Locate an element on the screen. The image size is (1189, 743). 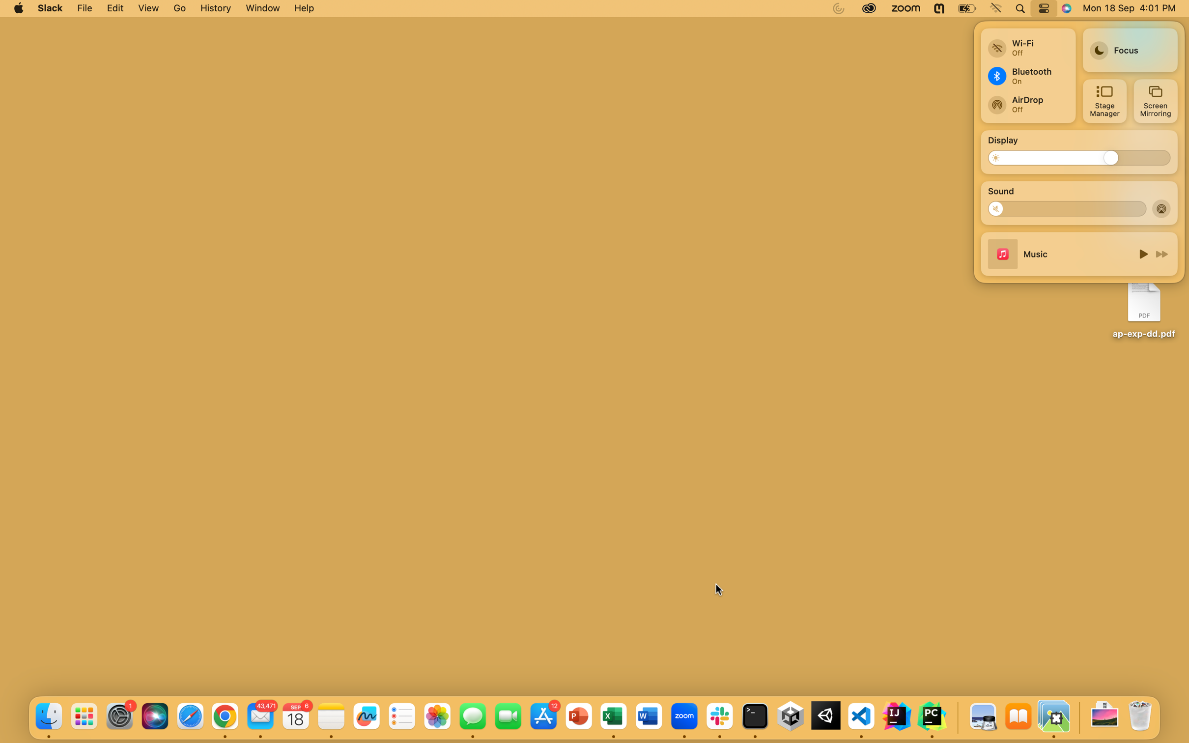
Disconnect from a wireless network is located at coordinates (1027, 44).